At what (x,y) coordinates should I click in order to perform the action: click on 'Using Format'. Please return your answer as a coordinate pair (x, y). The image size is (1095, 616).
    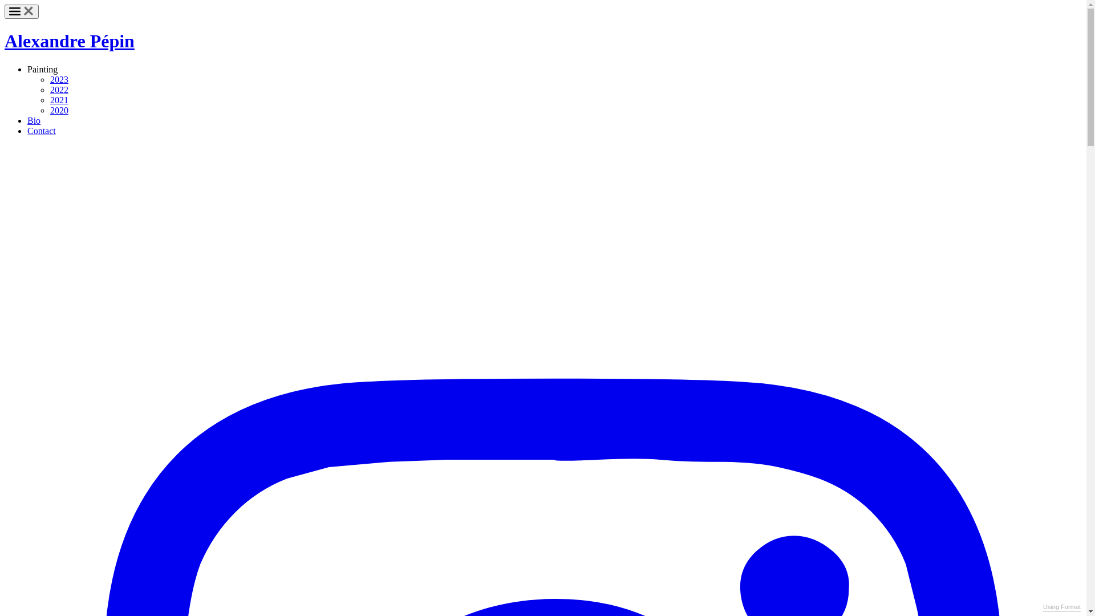
    Looking at the image, I should click on (1043, 606).